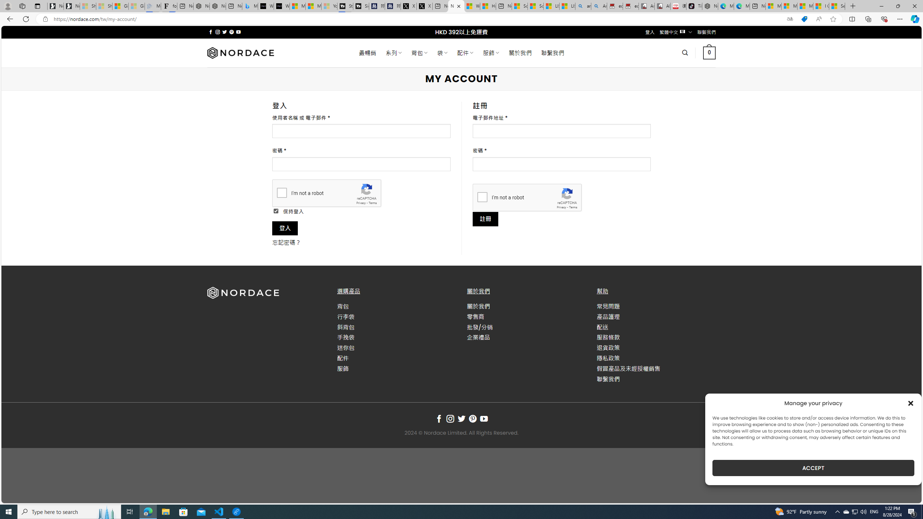 This screenshot has width=923, height=519. I want to click on 'Huge shark washes ashore at New York City beach | Watch', so click(488, 6).